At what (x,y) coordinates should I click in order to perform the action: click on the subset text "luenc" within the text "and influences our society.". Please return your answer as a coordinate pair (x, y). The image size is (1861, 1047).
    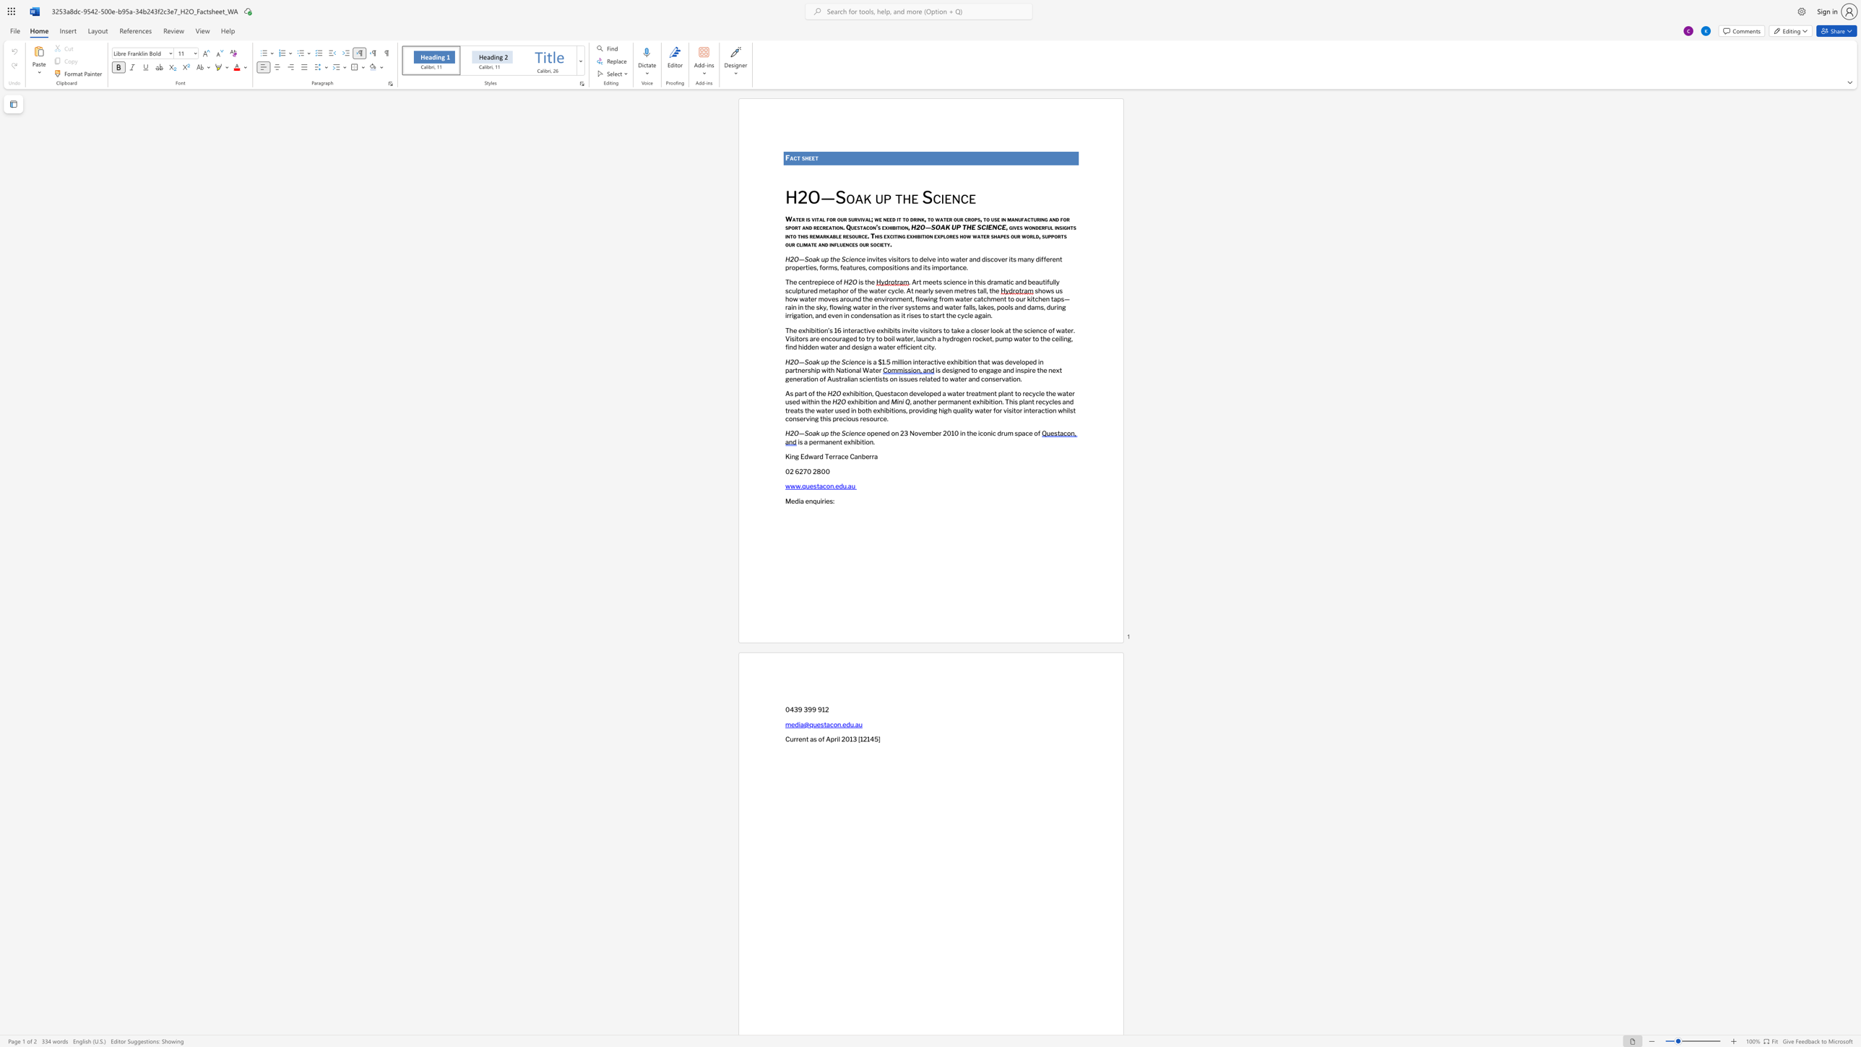
    Looking at the image, I should click on (836, 243).